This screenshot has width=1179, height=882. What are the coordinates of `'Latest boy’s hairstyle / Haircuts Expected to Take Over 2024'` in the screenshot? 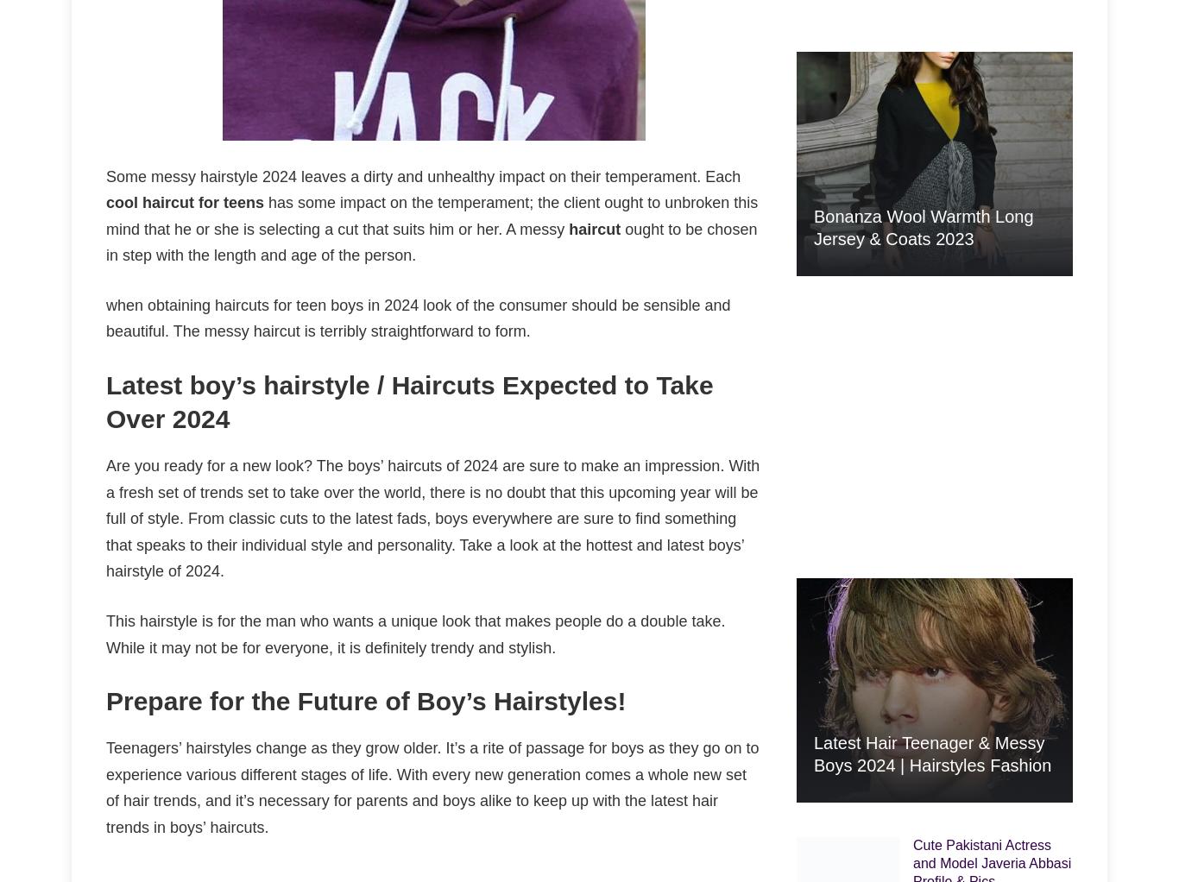 It's located at (409, 401).